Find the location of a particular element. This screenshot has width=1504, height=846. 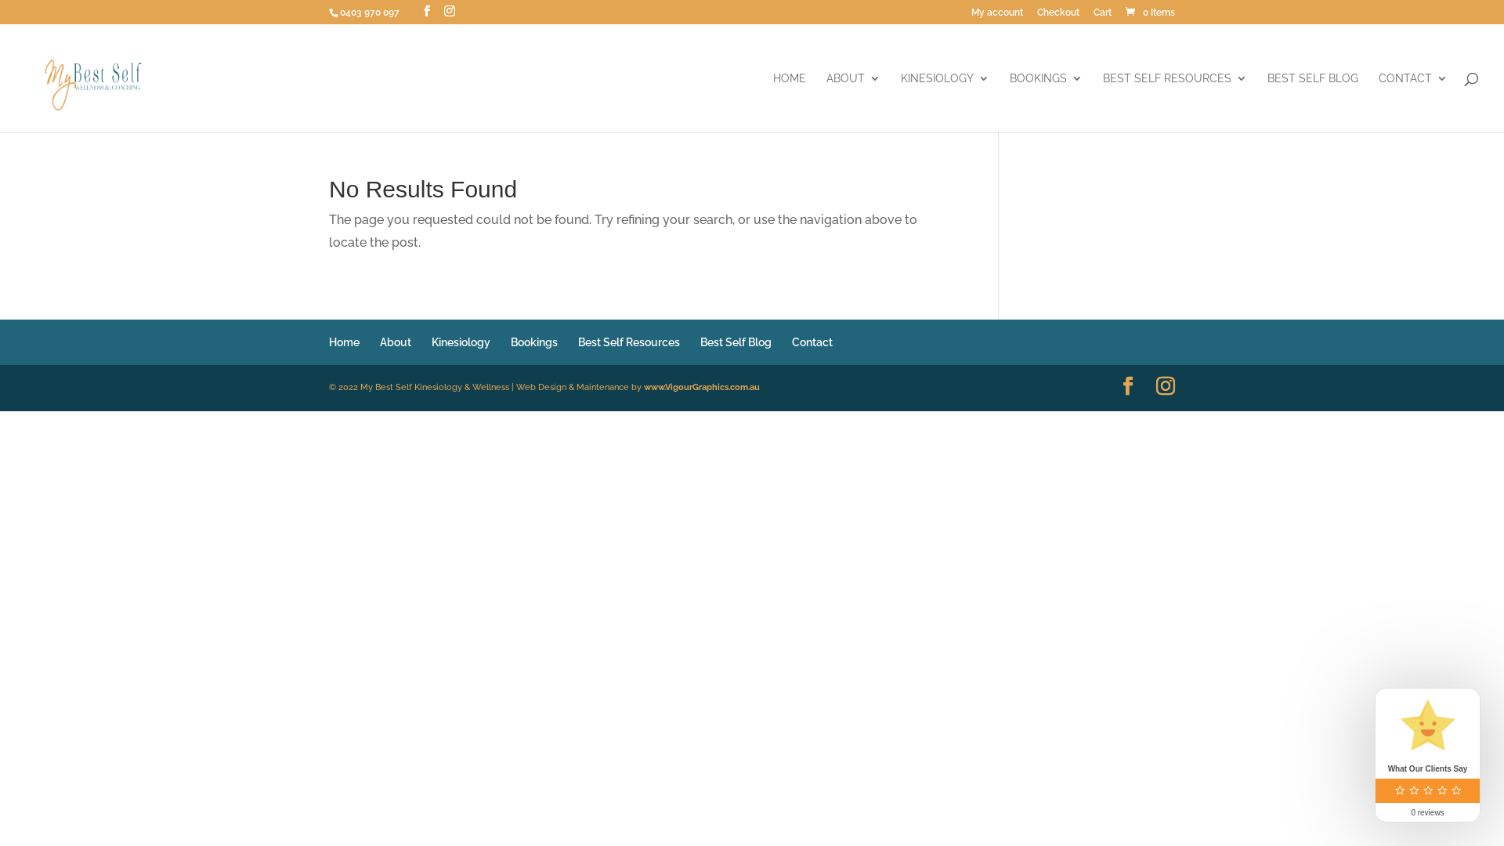

'Kinesiology' is located at coordinates (460, 341).